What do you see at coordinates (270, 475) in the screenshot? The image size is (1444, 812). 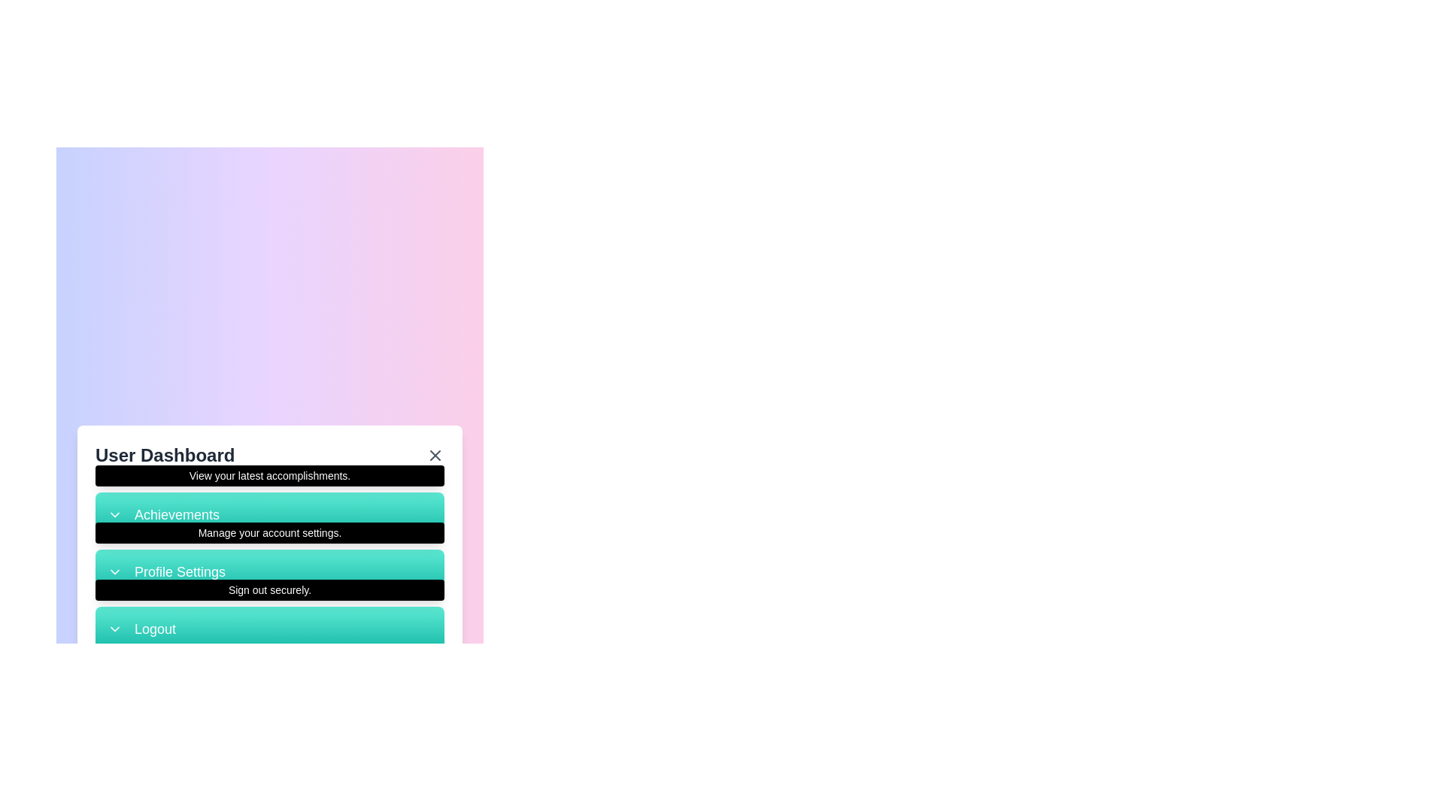 I see `the tooltip with the message 'View your latest accomplishments.', which is a black background text box with white text located above the 'Achievements' section` at bounding box center [270, 475].